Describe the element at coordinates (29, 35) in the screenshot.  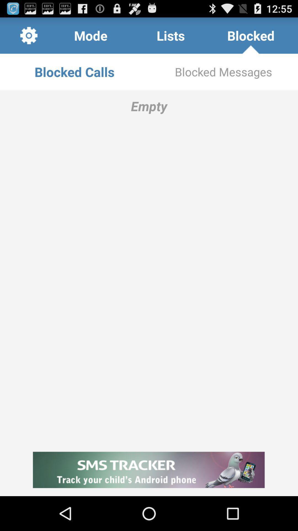
I see `the icon above blocked calls item` at that location.